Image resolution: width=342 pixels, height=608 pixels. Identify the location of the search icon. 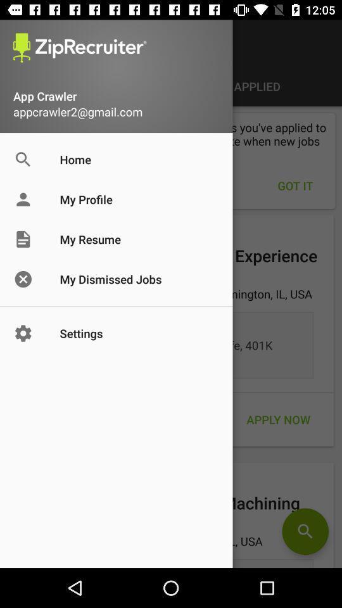
(305, 531).